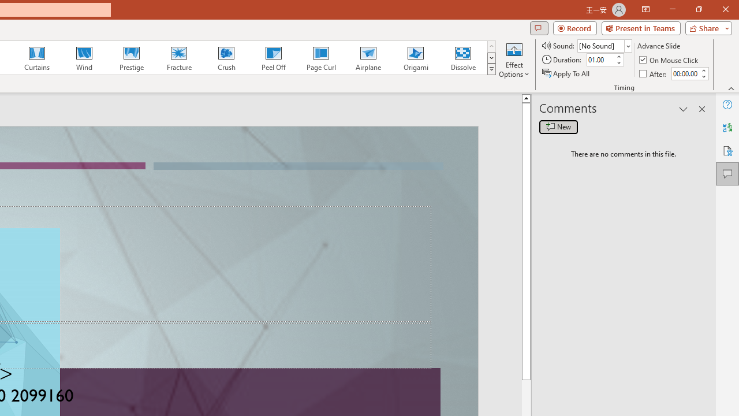 The image size is (739, 416). What do you see at coordinates (669, 60) in the screenshot?
I see `'On Mouse Click'` at bounding box center [669, 60].